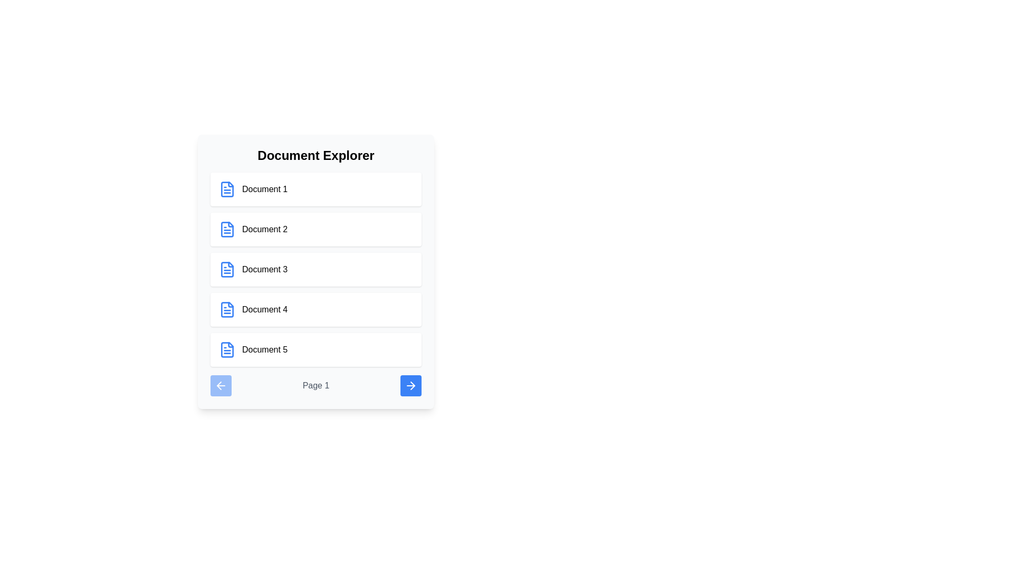  What do you see at coordinates (316, 309) in the screenshot?
I see `the list item labeled 'Document 4' in the 'Document Explorer'` at bounding box center [316, 309].